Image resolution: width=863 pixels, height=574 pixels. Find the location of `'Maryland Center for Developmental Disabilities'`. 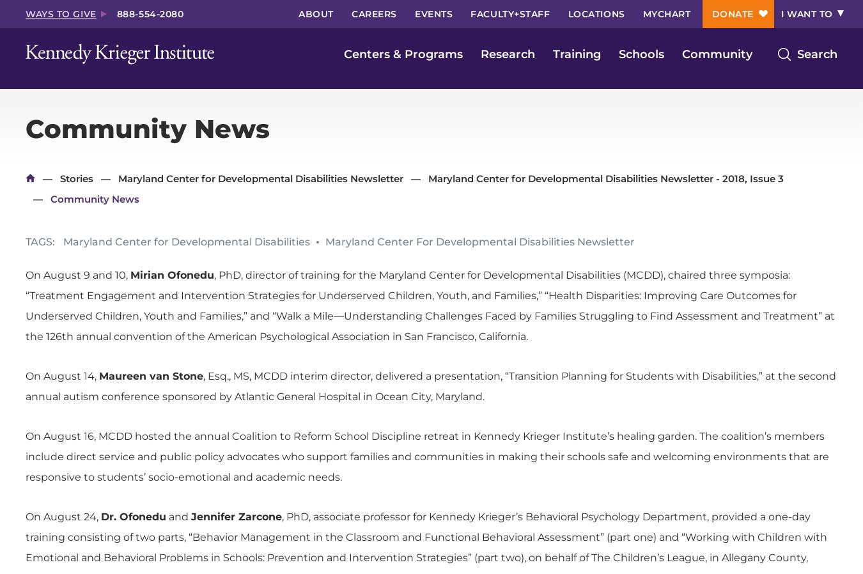

'Maryland Center for Developmental Disabilities' is located at coordinates (186, 242).